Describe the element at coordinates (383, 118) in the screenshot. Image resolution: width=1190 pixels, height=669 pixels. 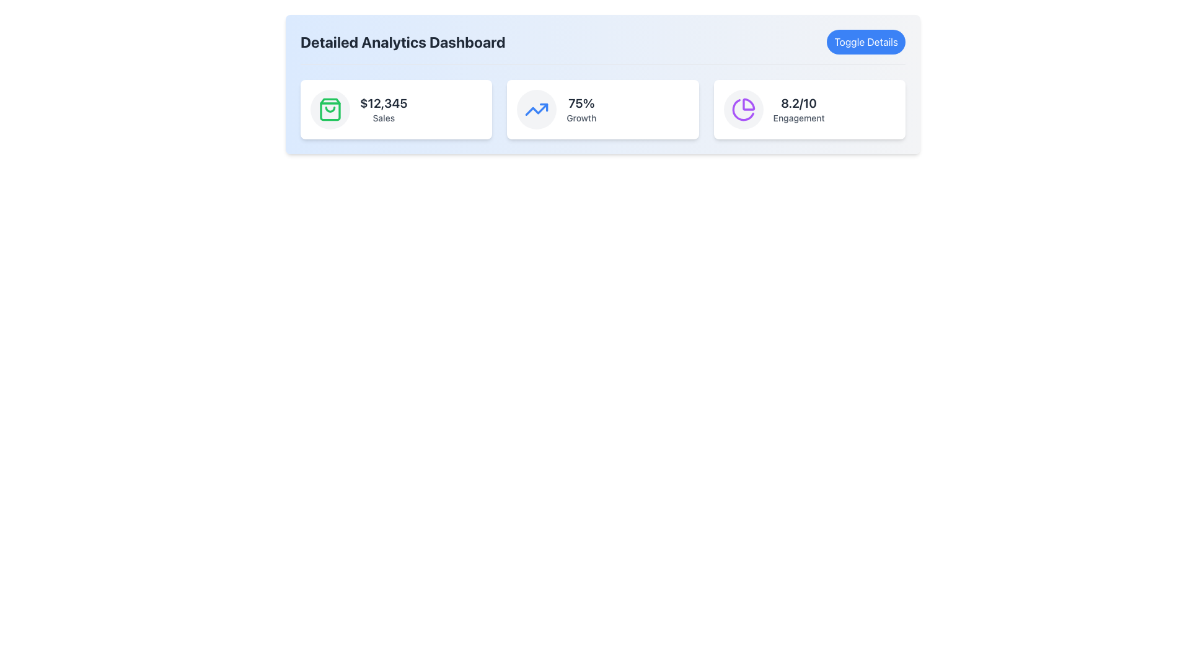
I see `the Static Text Label that clarifies the context of the numerical data '$12,345' representing 'Sales', positioned directly below the numerical text in the top-left region of the dashboard` at that location.